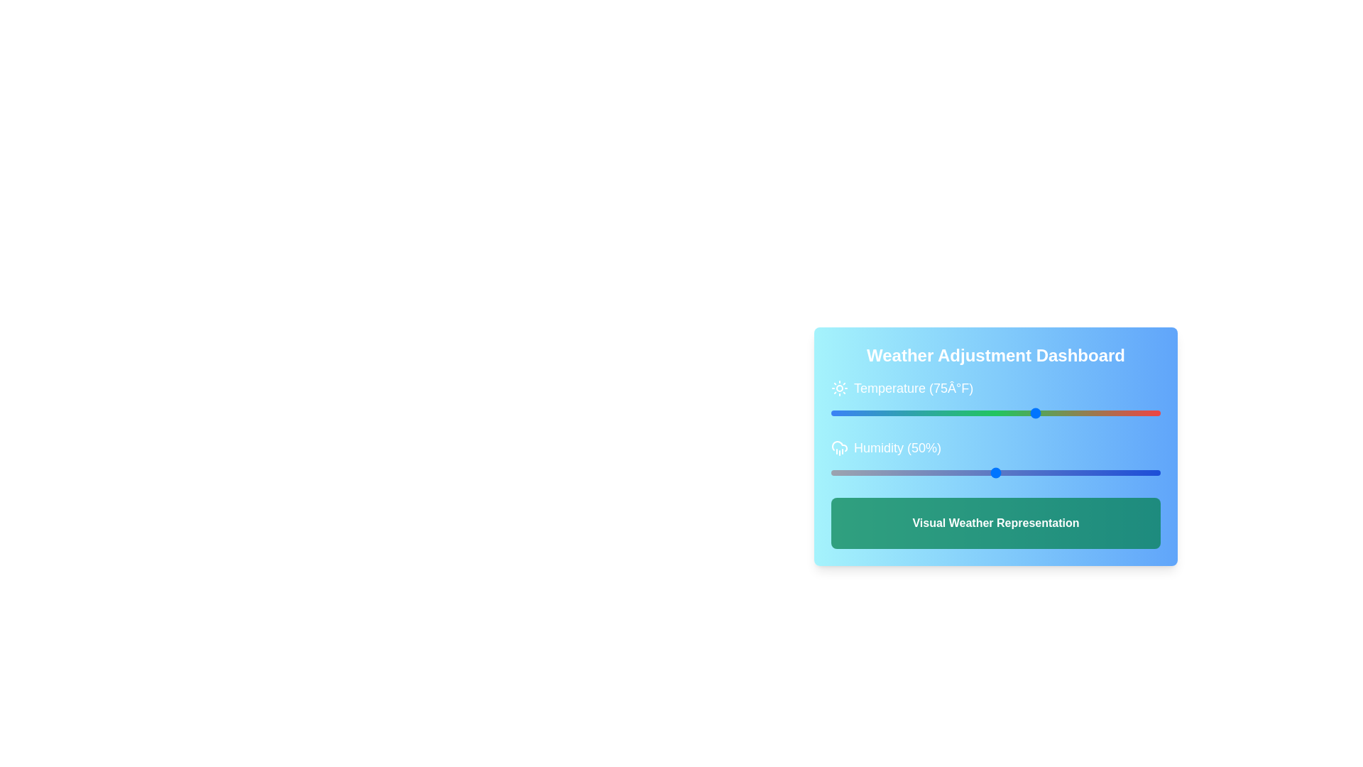 The image size is (1363, 767). Describe the element at coordinates (906, 413) in the screenshot. I see `the temperature slider to -4 degrees Fahrenheit` at that location.